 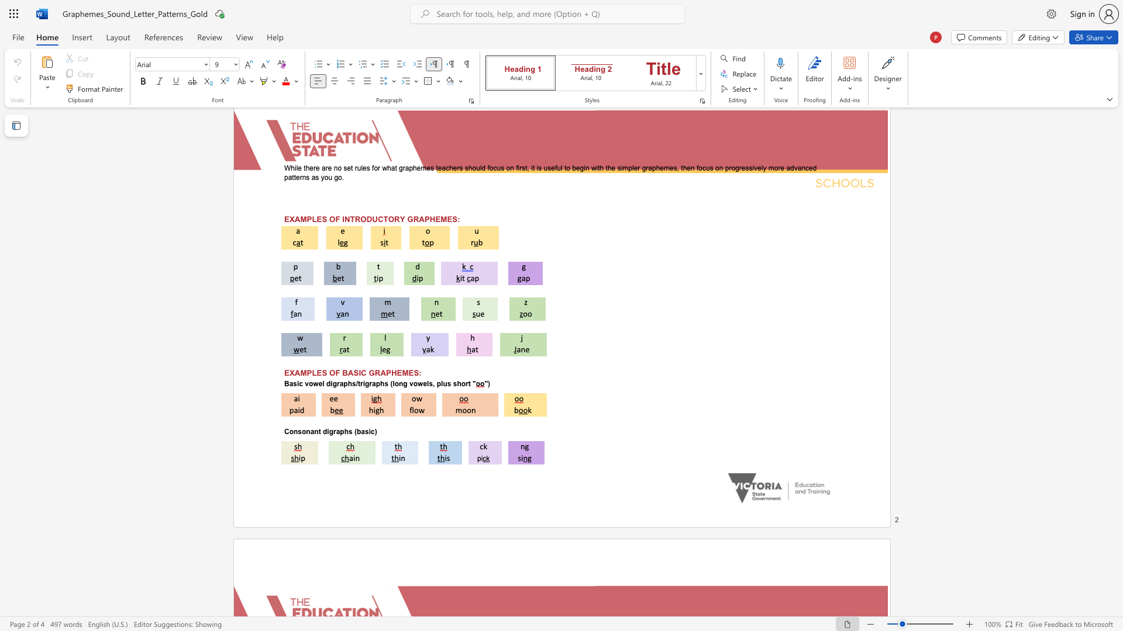 What do you see at coordinates (294, 432) in the screenshot?
I see `the subset text "nsonant digraphs" within the text "Consonant digraphs (basic)"` at bounding box center [294, 432].